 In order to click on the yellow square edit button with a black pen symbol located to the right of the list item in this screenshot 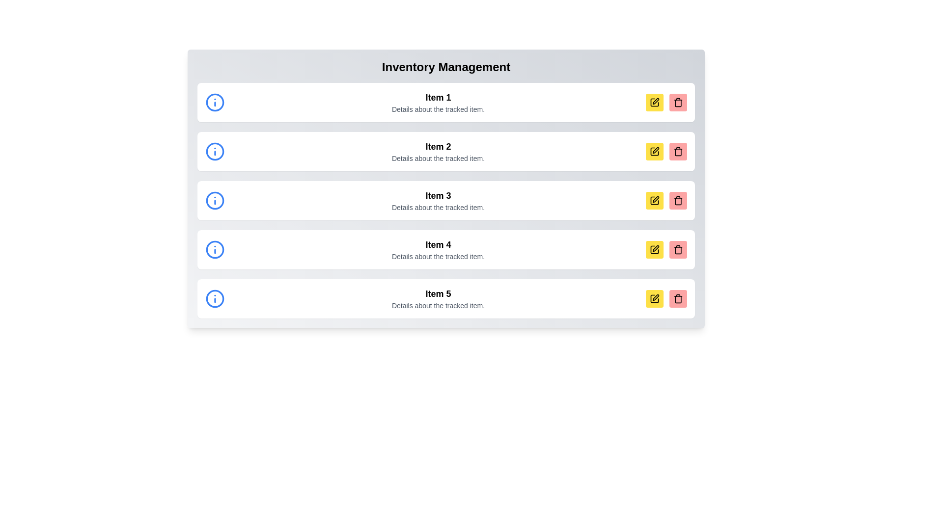, I will do `click(655, 151)`.